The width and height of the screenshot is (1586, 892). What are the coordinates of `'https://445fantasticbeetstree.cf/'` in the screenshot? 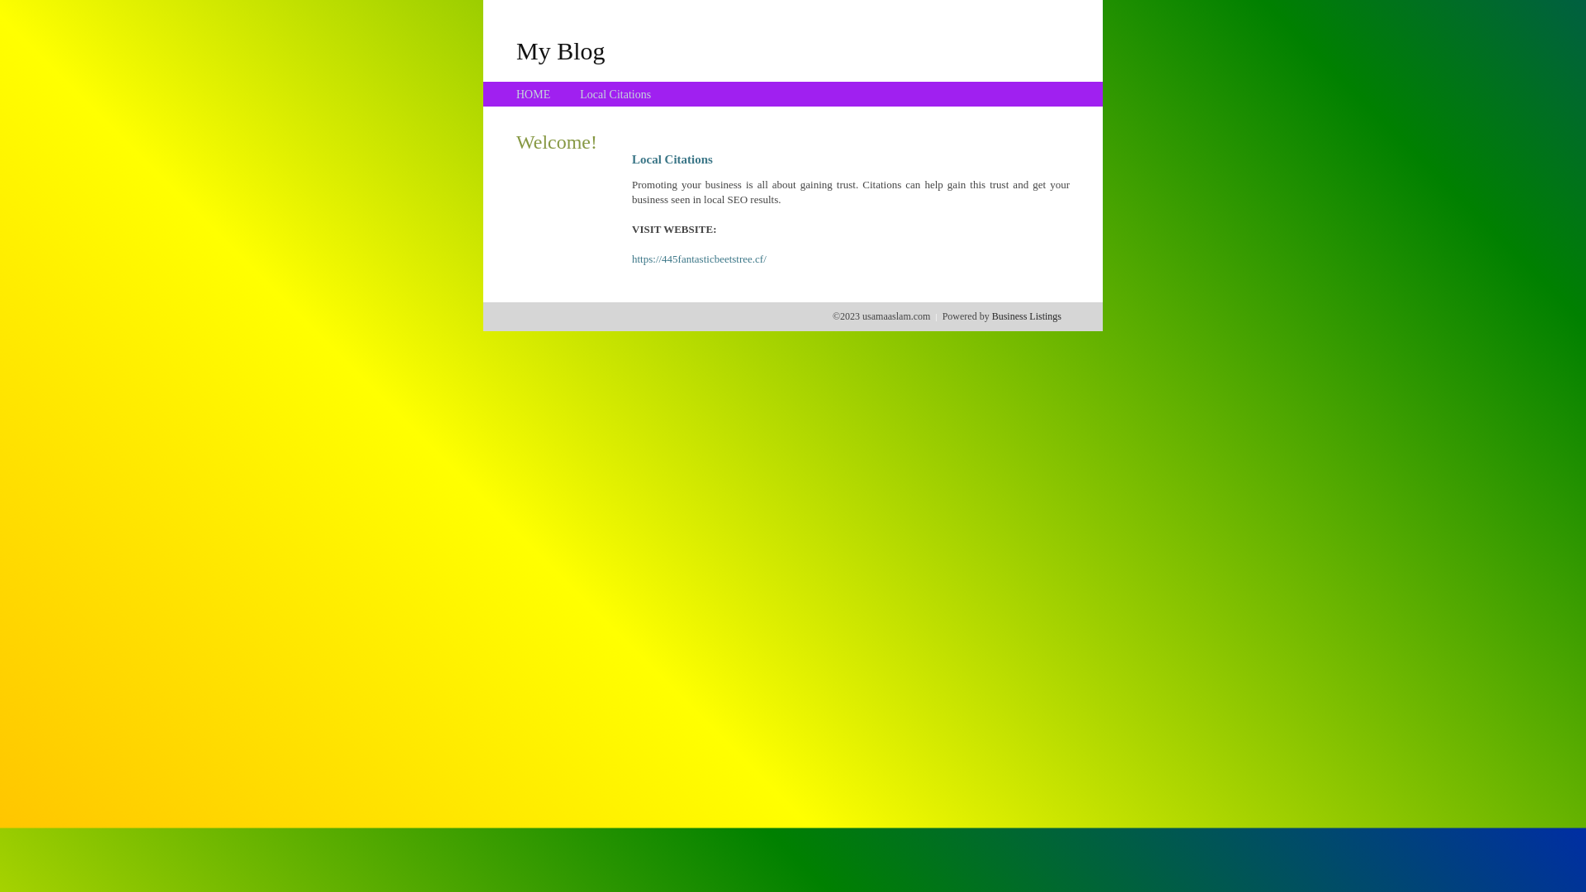 It's located at (699, 259).